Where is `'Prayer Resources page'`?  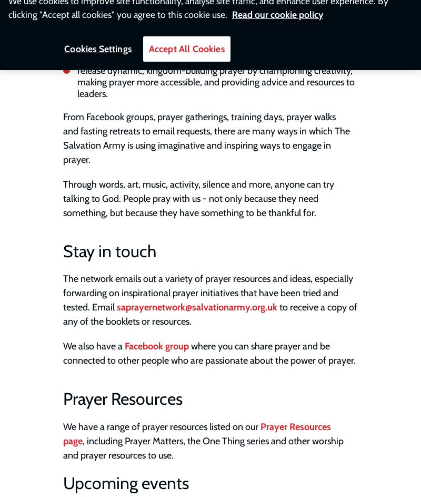
'Prayer Resources page' is located at coordinates (63, 433).